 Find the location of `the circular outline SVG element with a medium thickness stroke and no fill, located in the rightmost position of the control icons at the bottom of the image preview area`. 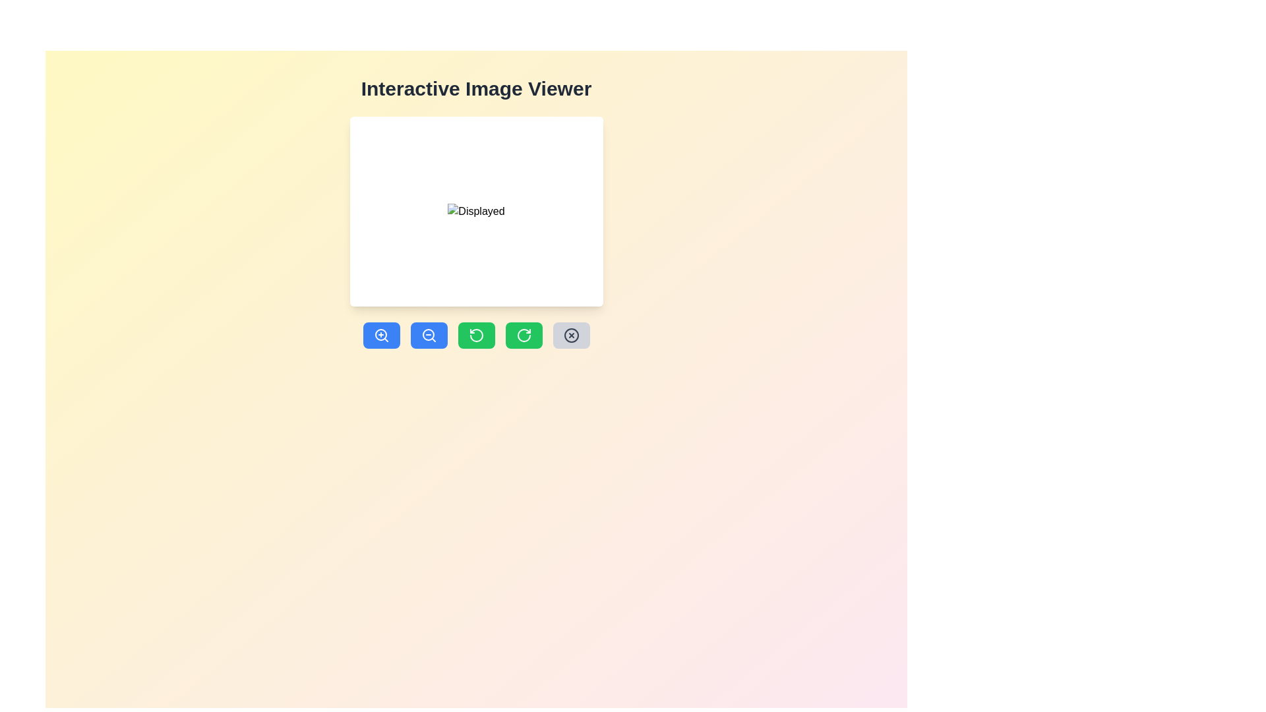

the circular outline SVG element with a medium thickness stroke and no fill, located in the rightmost position of the control icons at the bottom of the image preview area is located at coordinates (571, 335).